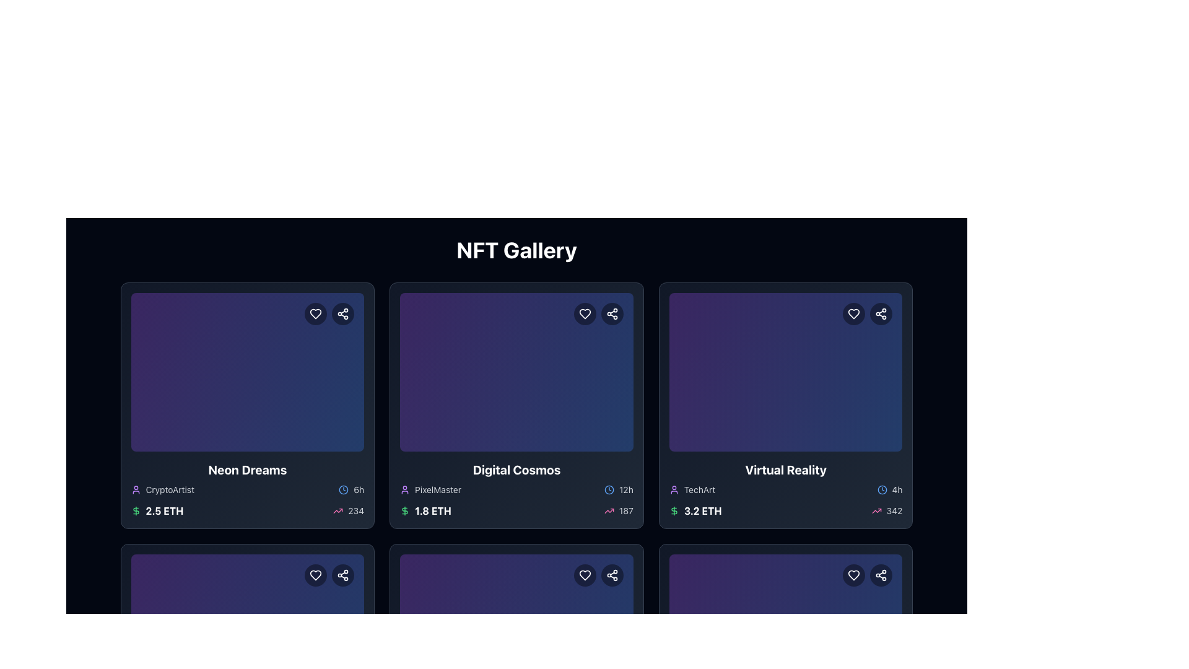 The height and width of the screenshot is (669, 1189). What do you see at coordinates (430, 489) in the screenshot?
I see `text of the User label with a small purple icon that displays 'PixelMaster' in gray color, located in the bottom left corner of the 'Digital Cosmos' card above the cryptocurrency value` at bounding box center [430, 489].